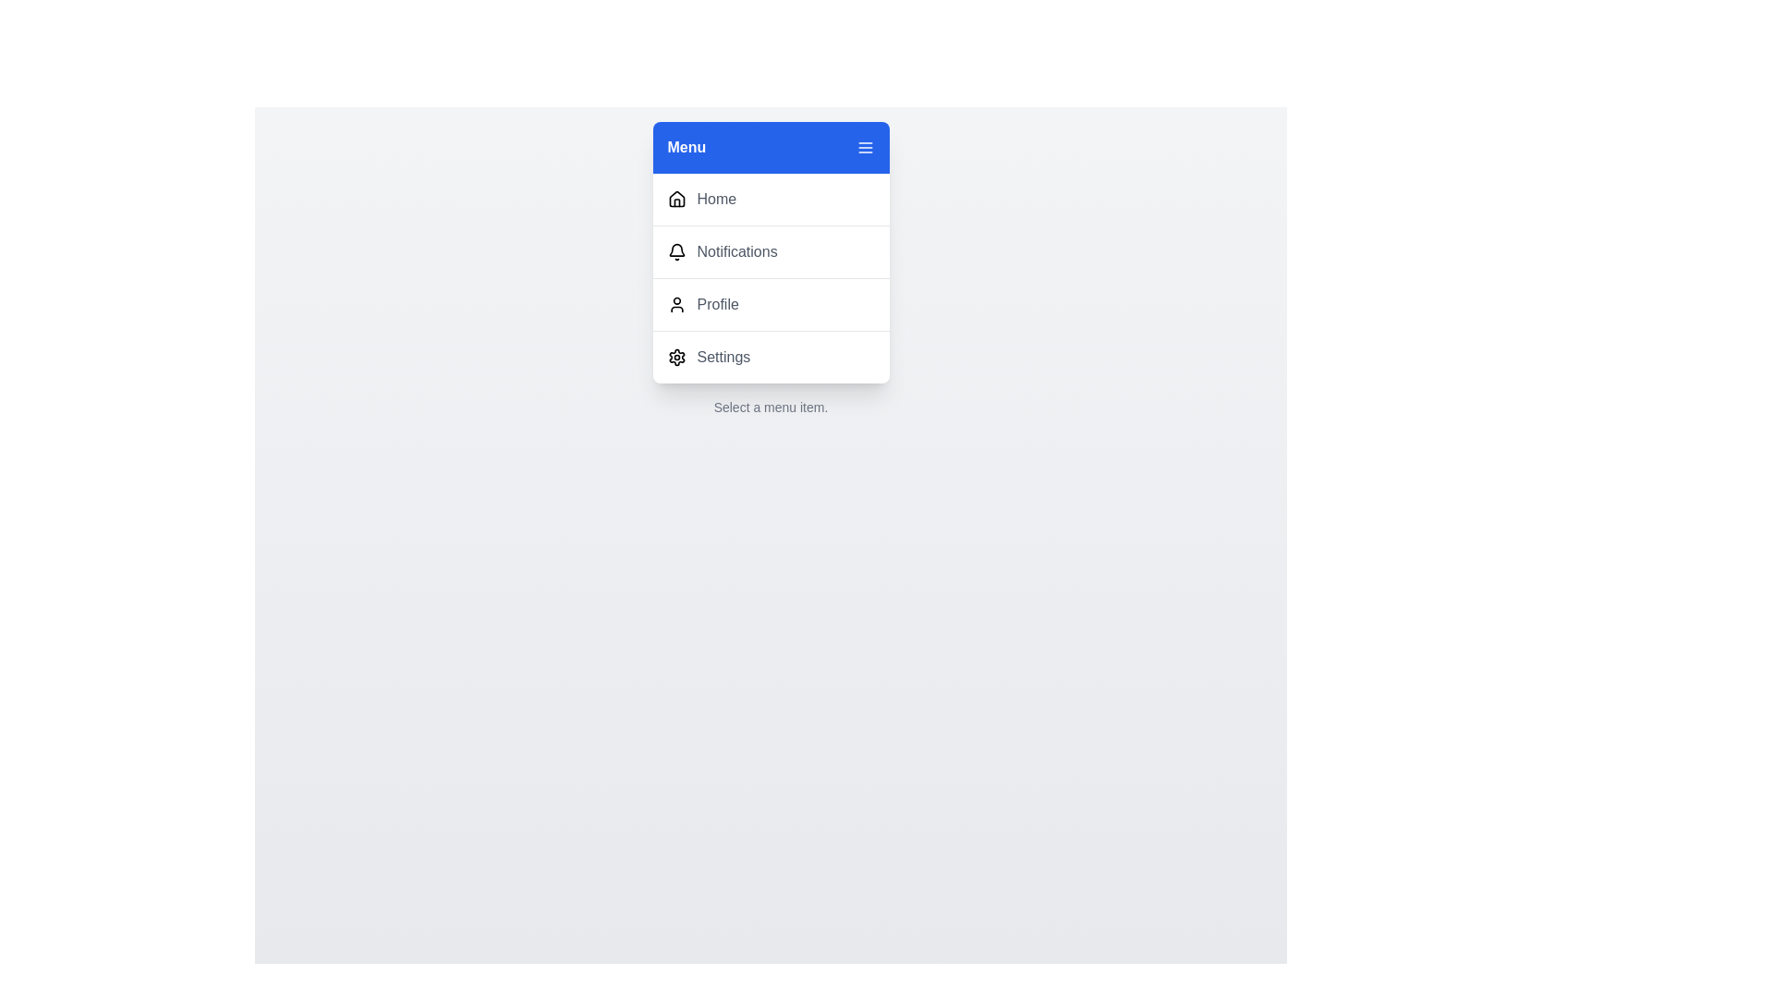 This screenshot has height=998, width=1774. What do you see at coordinates (771, 303) in the screenshot?
I see `the menu item Profile from the menu` at bounding box center [771, 303].